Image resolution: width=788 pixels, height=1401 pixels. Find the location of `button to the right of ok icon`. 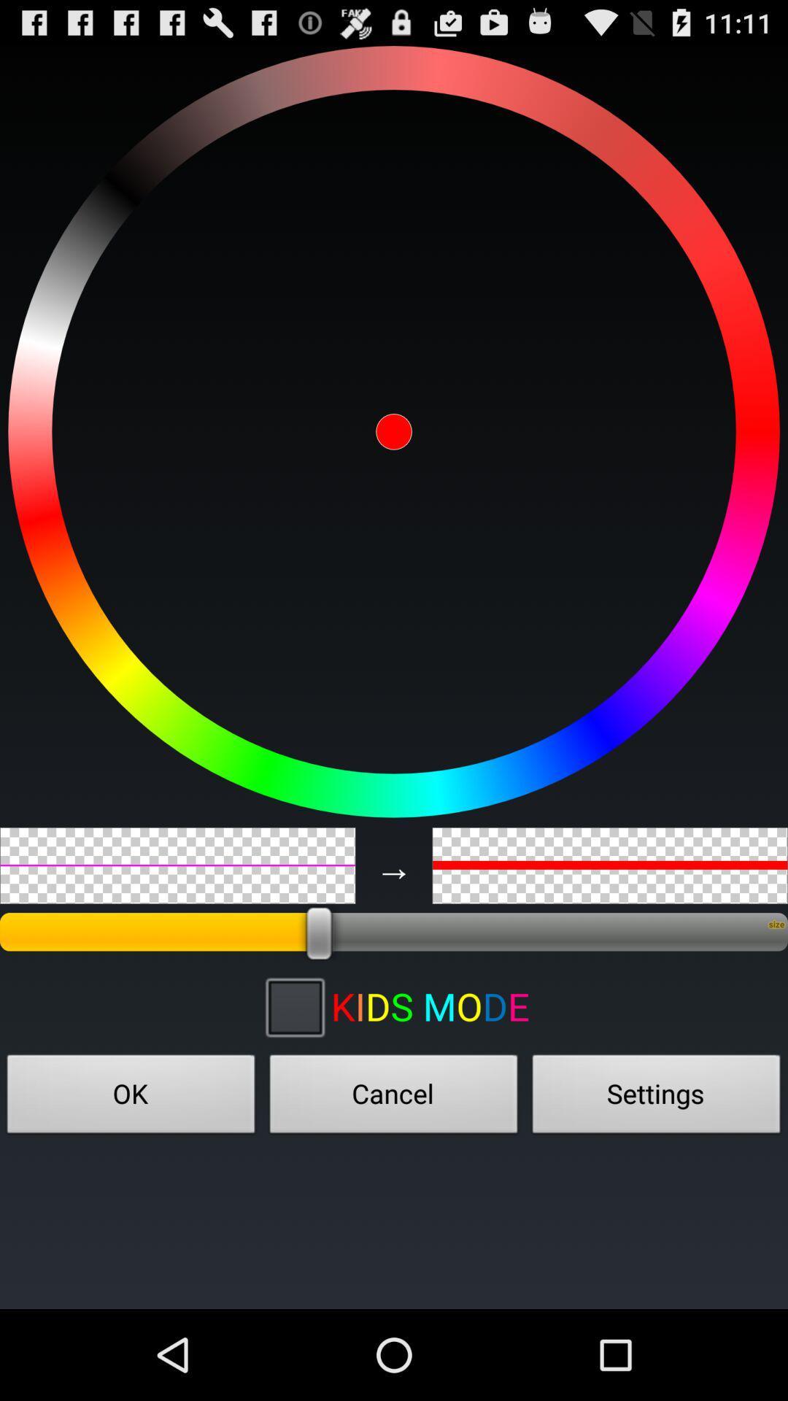

button to the right of ok icon is located at coordinates (394, 1098).